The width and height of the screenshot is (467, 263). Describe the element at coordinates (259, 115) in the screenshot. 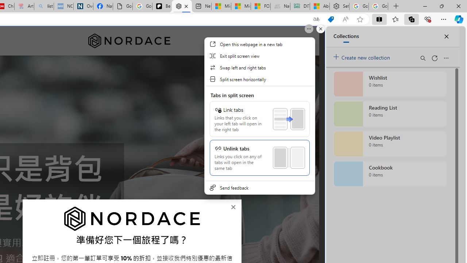

I see `'Class: SubmenuView'` at that location.